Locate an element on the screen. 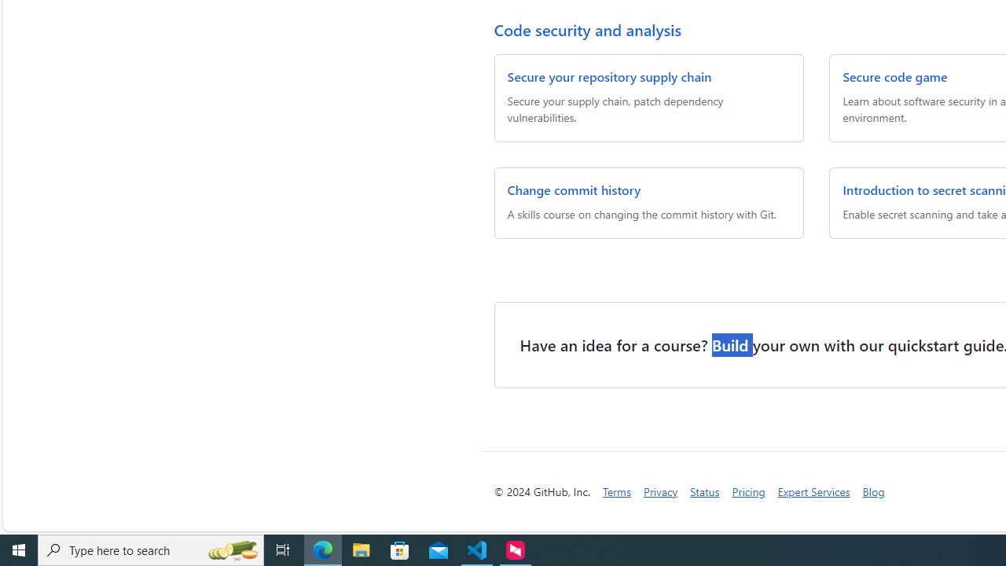 The width and height of the screenshot is (1006, 566). 'Status' is located at coordinates (704, 491).